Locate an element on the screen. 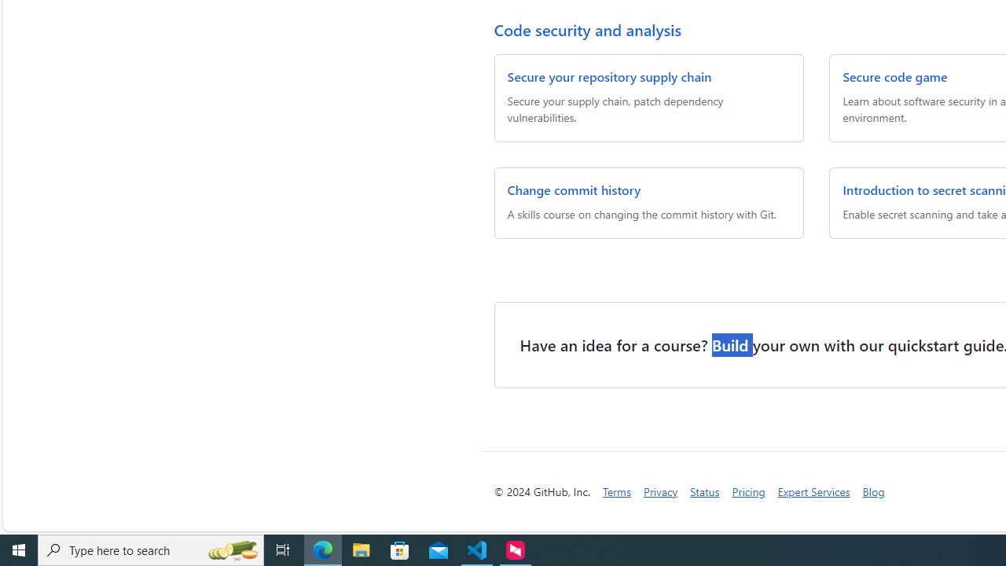 The width and height of the screenshot is (1006, 566). 'Status' is located at coordinates (704, 491).